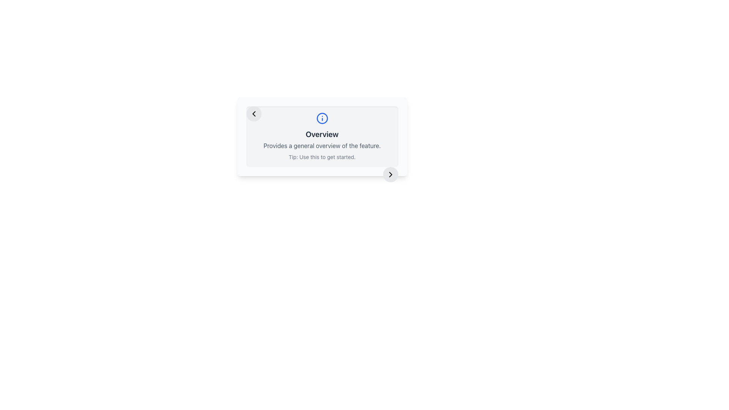 The width and height of the screenshot is (729, 410). Describe the element at coordinates (390, 174) in the screenshot. I see `the rightward-pointing arrow icon located in the bottom-right corner of the 'Overview' card` at that location.